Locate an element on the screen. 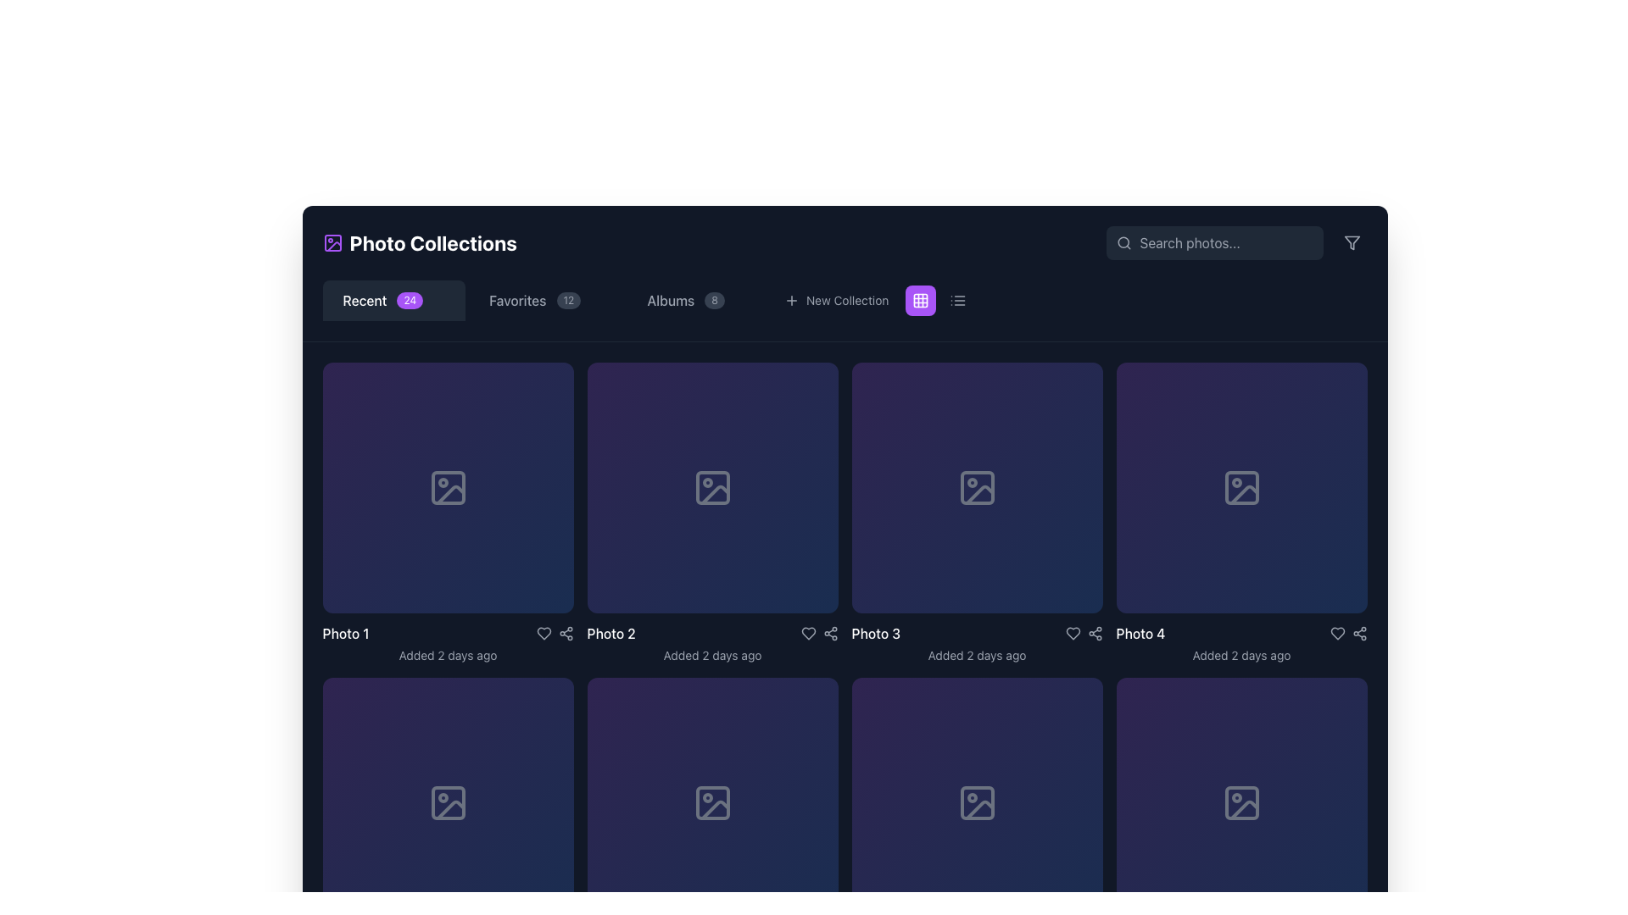 The image size is (1628, 915). the Image placeholder icon located in the fourth position of the grid of photo placeholders, which is styled with a gray color and a simplistic photo depiction is located at coordinates (1241, 487).